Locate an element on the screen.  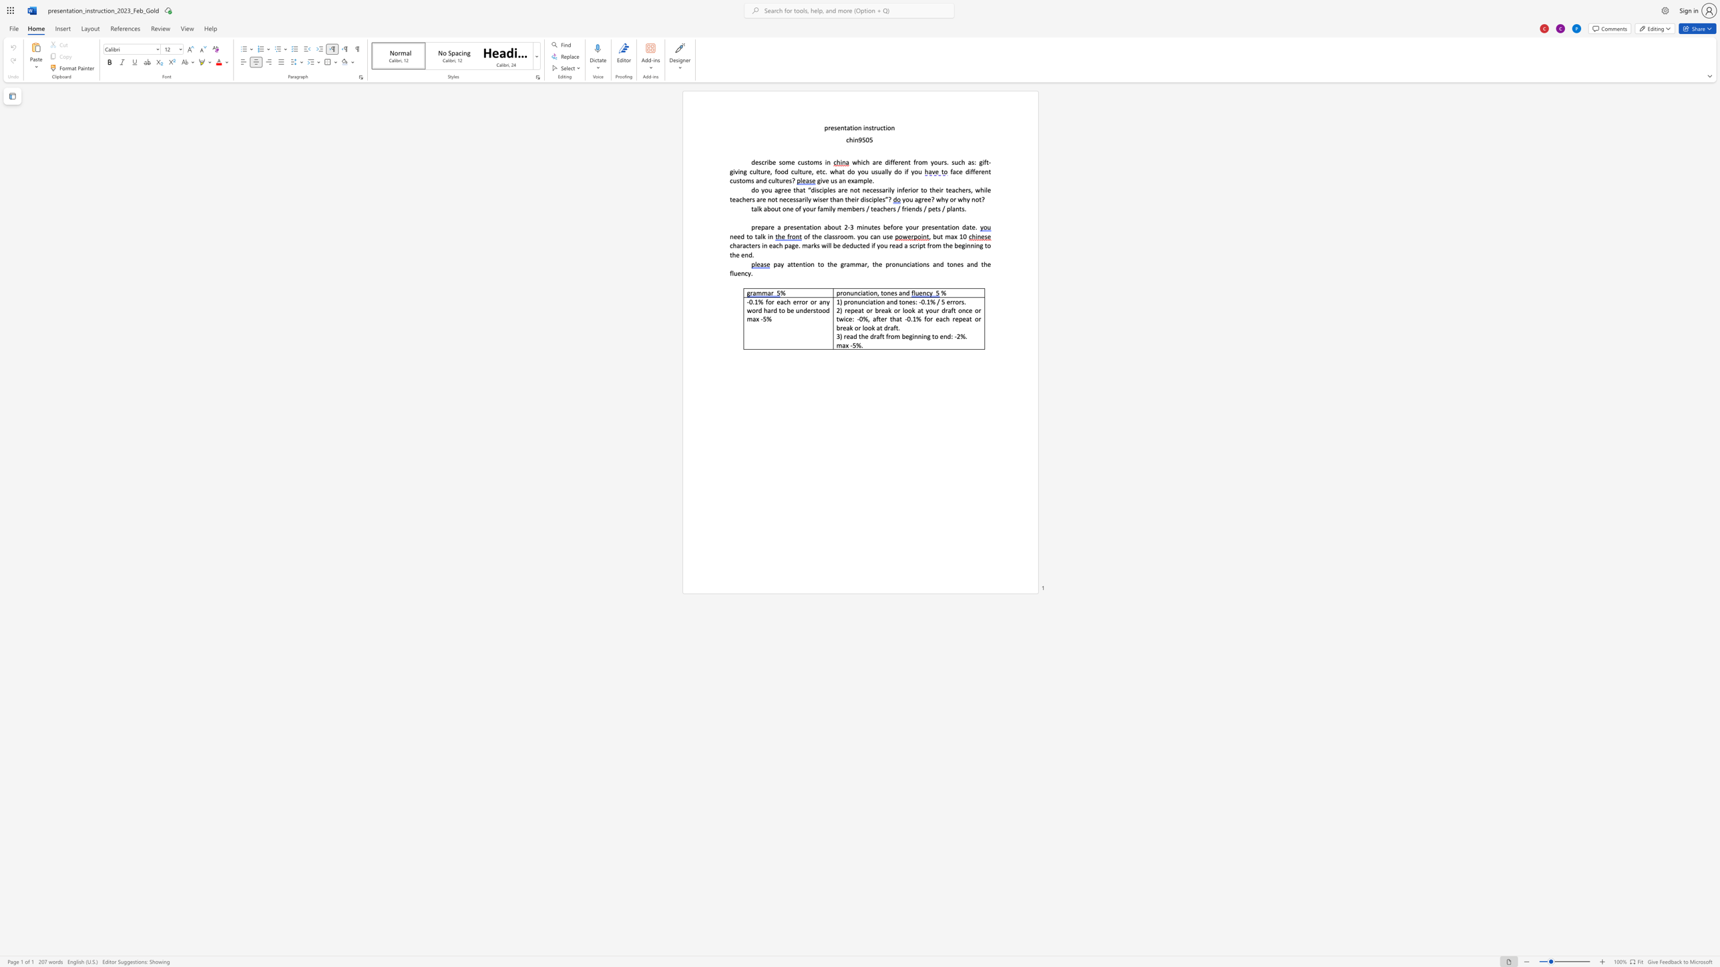
the 2th character "c" in the text is located at coordinates (799, 162).